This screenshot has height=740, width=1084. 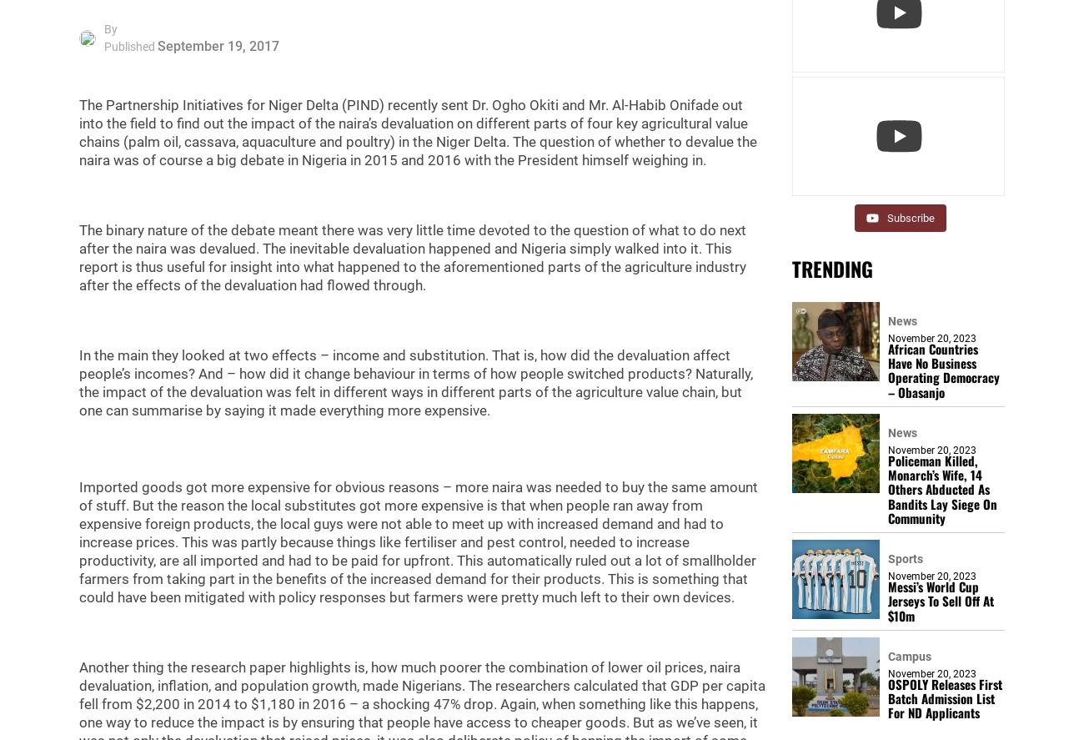 I want to click on 'The binary nature of the debate meant there was very little time devoted to the question of what to do next after the naira was devalued. The inevitable devaluation happened and Nigeria simply walked into it. This report is thus useful for insight into what happened to the aforementioned parts of the agriculture industry after the effects of the devaluation had flowed through.', so click(x=413, y=258).